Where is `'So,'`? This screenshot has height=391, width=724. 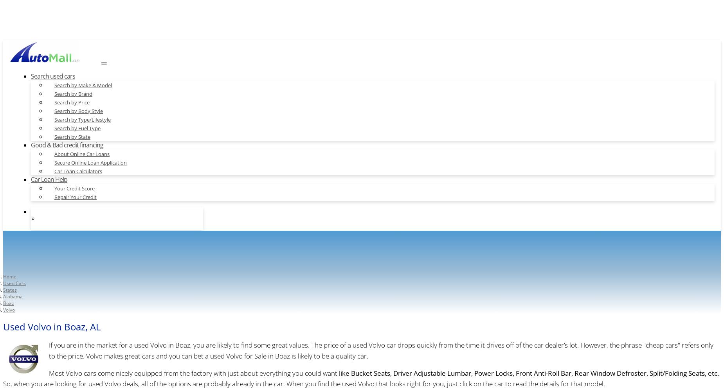
'So,' is located at coordinates (7, 383).